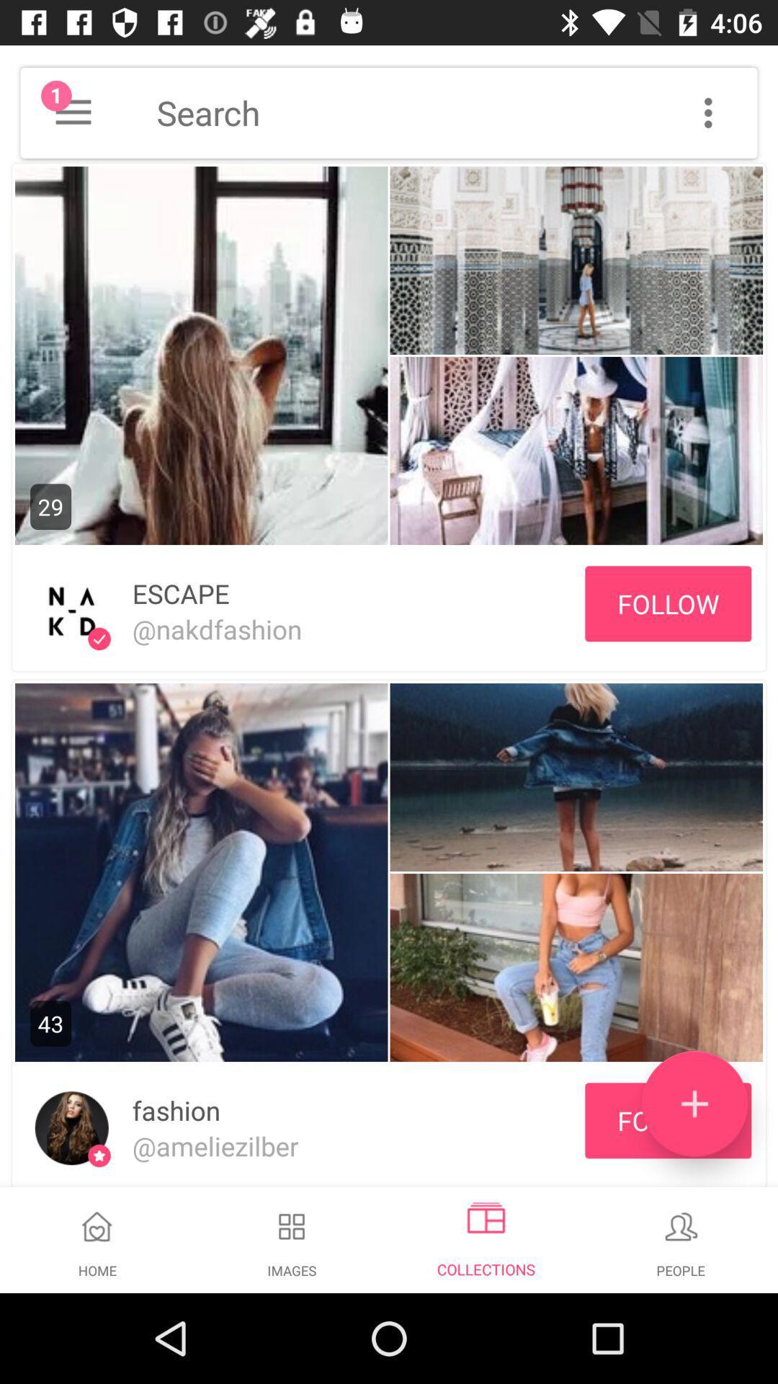 The image size is (778, 1384). Describe the element at coordinates (73, 112) in the screenshot. I see `open menu` at that location.